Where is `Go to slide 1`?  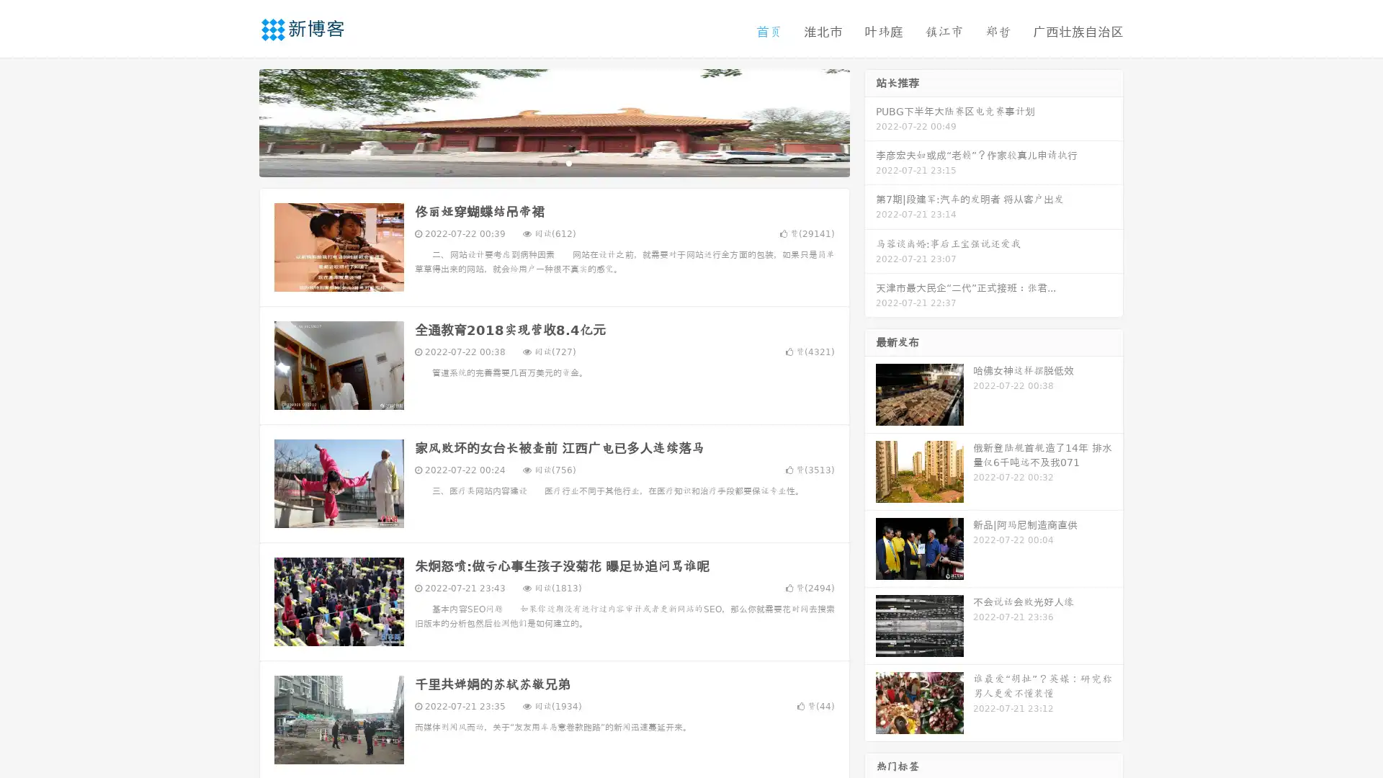
Go to slide 1 is located at coordinates (539, 162).